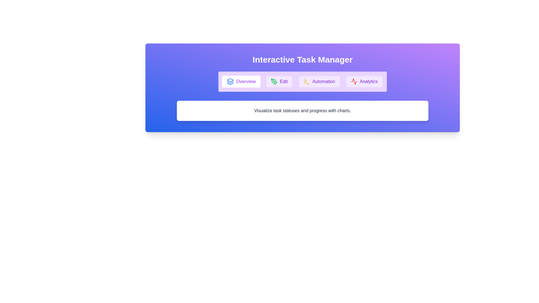  What do you see at coordinates (241, 81) in the screenshot?
I see `the tab button labeled Overview` at bounding box center [241, 81].